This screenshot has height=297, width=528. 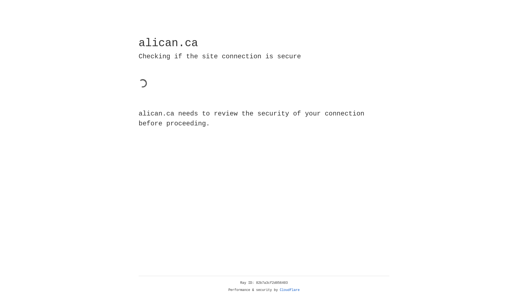 What do you see at coordinates (290, 290) in the screenshot?
I see `'Cloudflare'` at bounding box center [290, 290].